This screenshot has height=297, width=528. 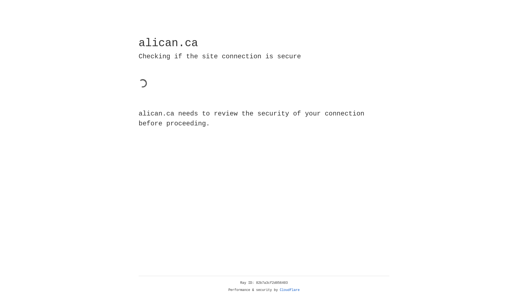 What do you see at coordinates (290, 290) in the screenshot?
I see `'Cloudflare'` at bounding box center [290, 290].